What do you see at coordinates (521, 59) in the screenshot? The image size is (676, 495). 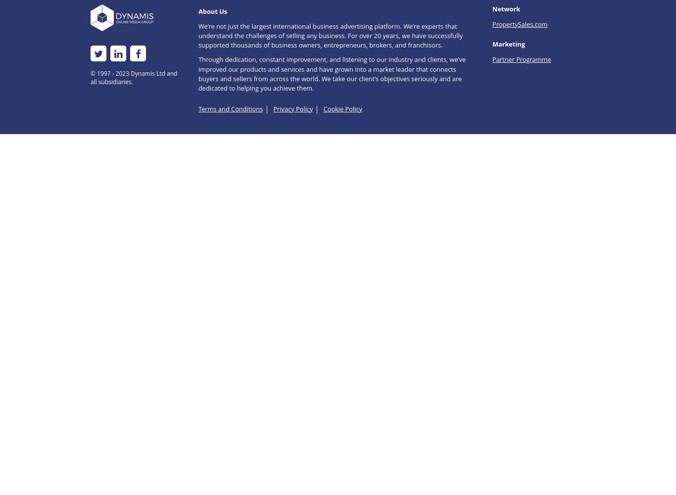 I see `'Partner Programme'` at bounding box center [521, 59].